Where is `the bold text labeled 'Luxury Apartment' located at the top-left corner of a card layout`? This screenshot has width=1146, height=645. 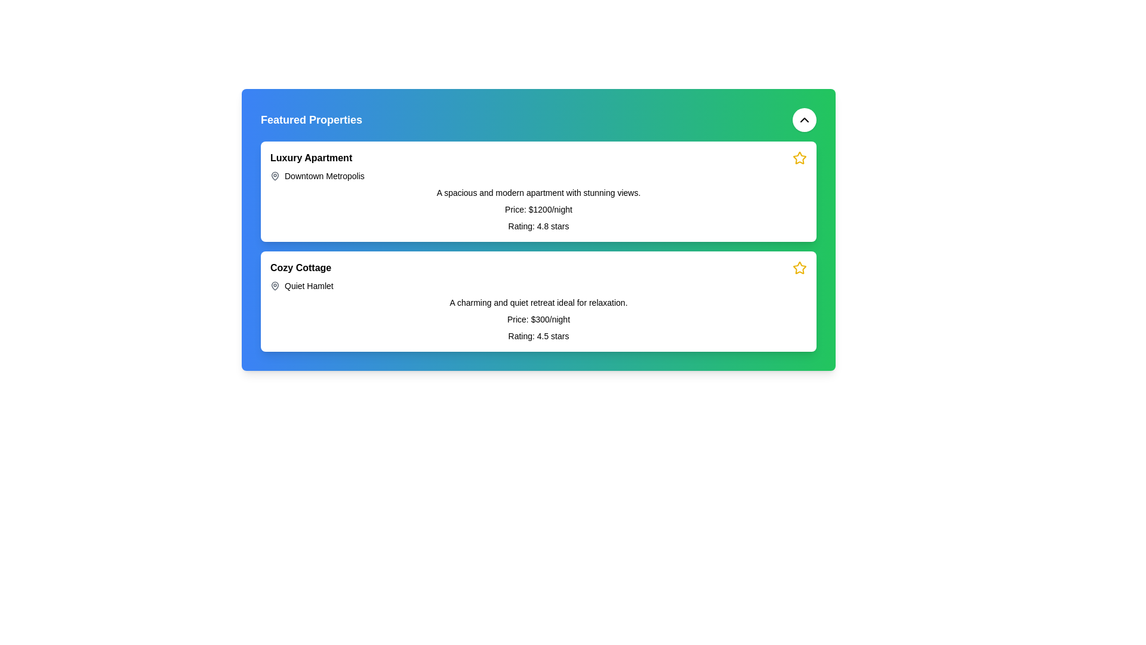 the bold text labeled 'Luxury Apartment' located at the top-left corner of a card layout is located at coordinates (311, 158).